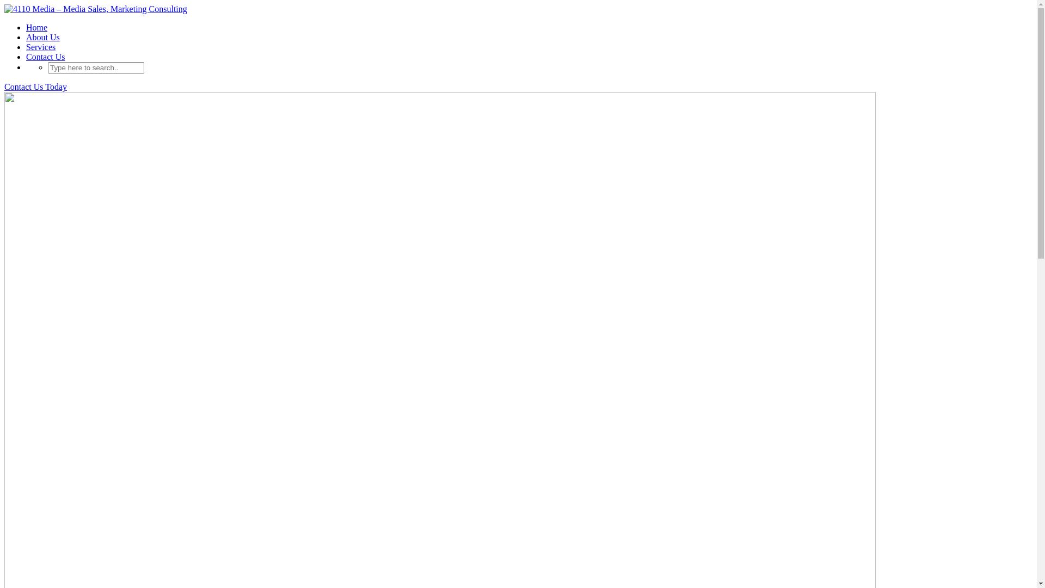 The image size is (1045, 588). What do you see at coordinates (36, 27) in the screenshot?
I see `'Home'` at bounding box center [36, 27].